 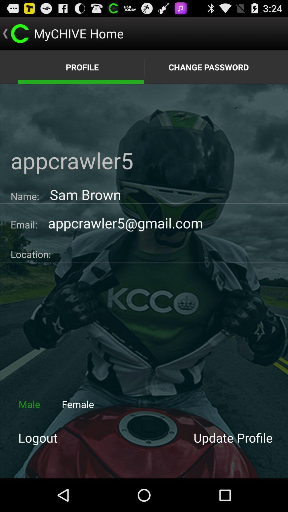 What do you see at coordinates (81, 67) in the screenshot?
I see `the text which is left of the text change password` at bounding box center [81, 67].